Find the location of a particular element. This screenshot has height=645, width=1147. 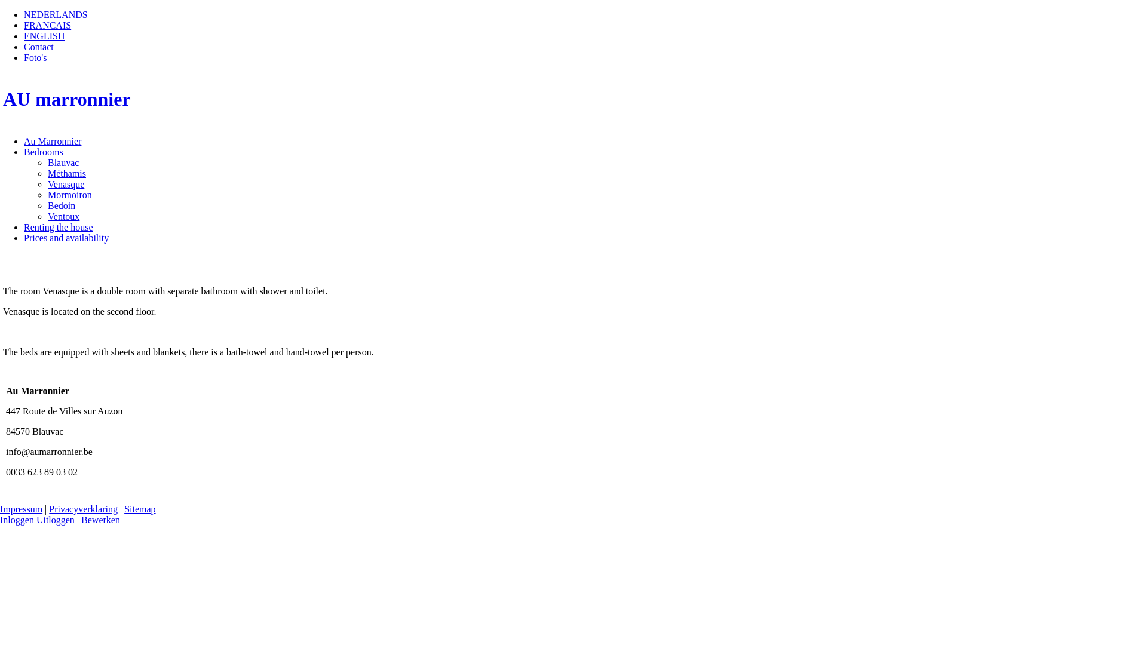

'Au Marronnier' is located at coordinates (23, 140).